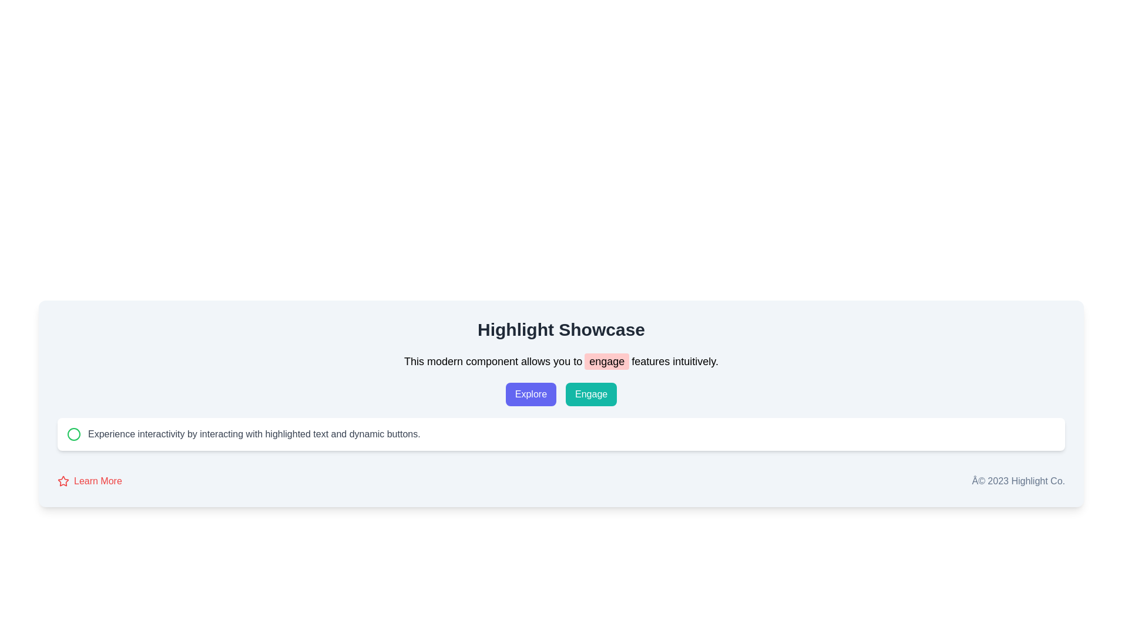 This screenshot has height=634, width=1128. Describe the element at coordinates (73, 434) in the screenshot. I see `the SVG Circle element that is part of an icon or indicator, positioned to the left of the sentence about interactivity` at that location.